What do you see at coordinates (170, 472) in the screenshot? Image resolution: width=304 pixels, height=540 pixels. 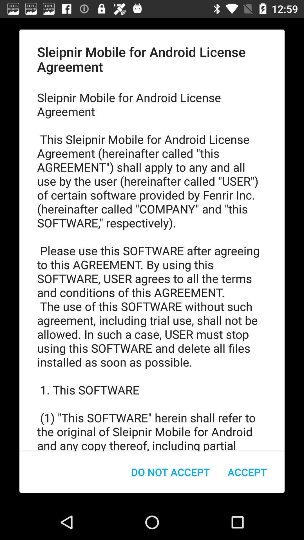 I see `the icon next to the accept icon` at bounding box center [170, 472].